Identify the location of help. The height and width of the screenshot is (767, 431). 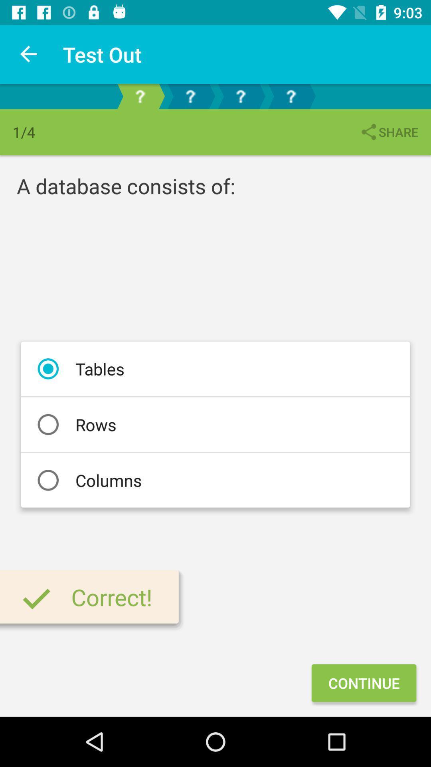
(291, 96).